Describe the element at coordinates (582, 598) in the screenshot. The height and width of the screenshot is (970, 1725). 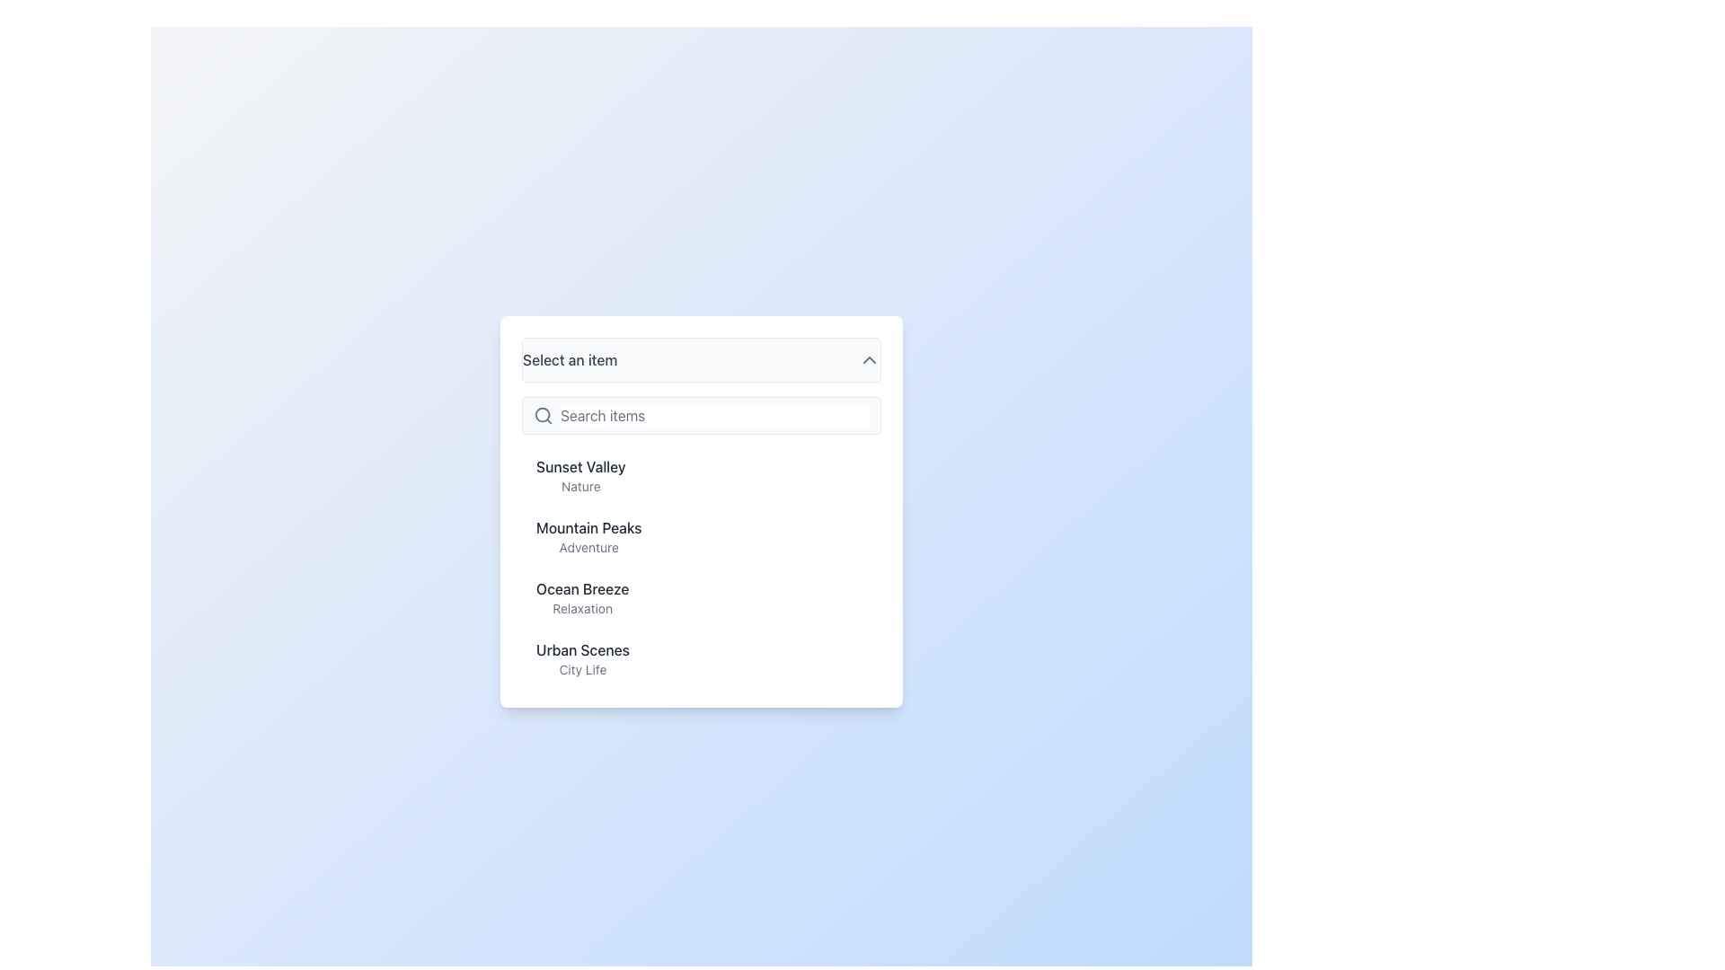
I see `to select the 'Ocean Breeze' and 'Relaxation' option from the dropdown list, which is the third item in the vertical list` at that location.